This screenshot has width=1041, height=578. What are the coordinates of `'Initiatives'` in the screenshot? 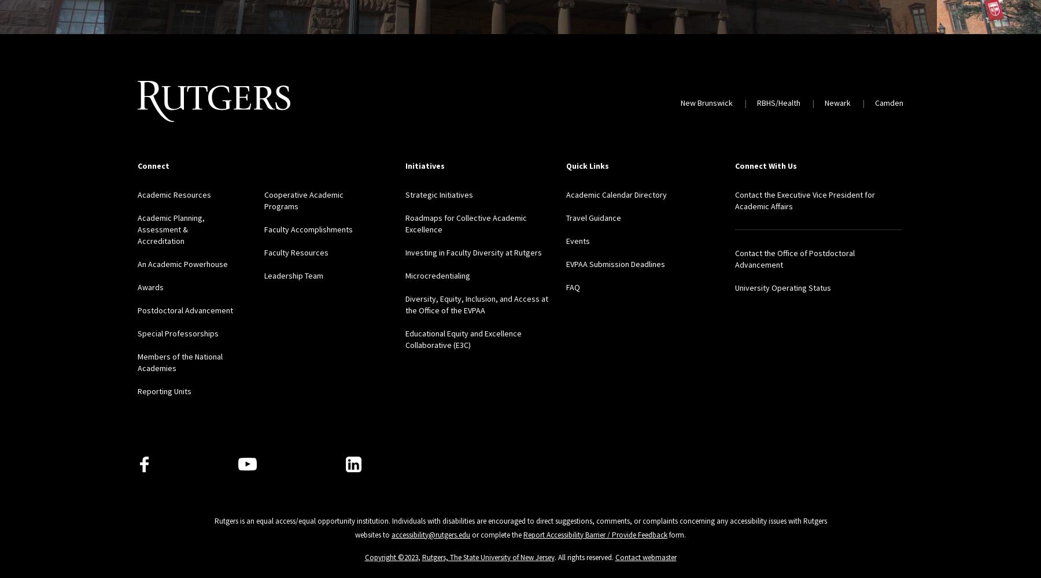 It's located at (424, 166).